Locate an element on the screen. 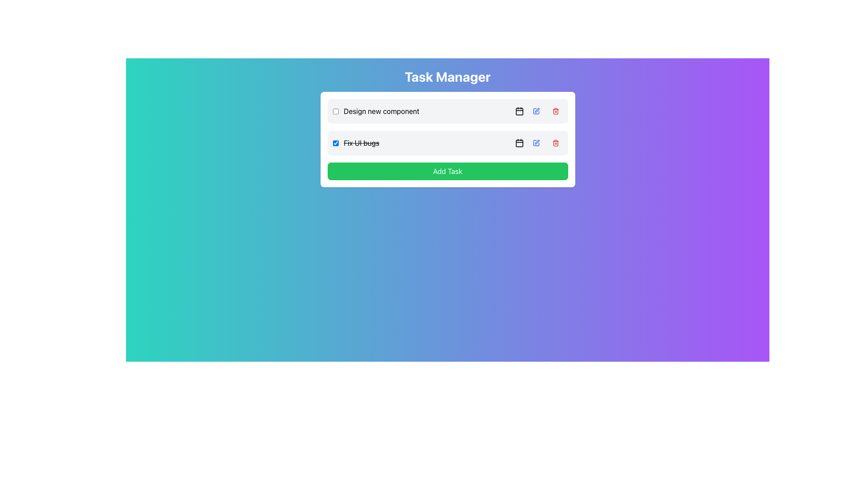 This screenshot has width=849, height=477. the delete button located in the second task row of the task list is located at coordinates (555, 110).